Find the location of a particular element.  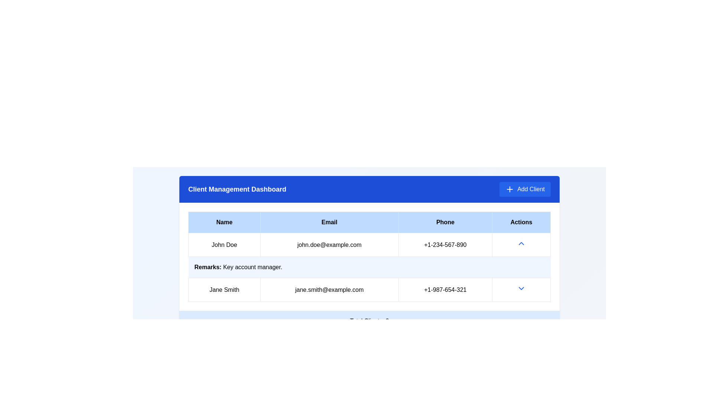

the Table Header Cell labeled 'Actions', which is the fourth column header in the table with a light blue background is located at coordinates (521, 222).